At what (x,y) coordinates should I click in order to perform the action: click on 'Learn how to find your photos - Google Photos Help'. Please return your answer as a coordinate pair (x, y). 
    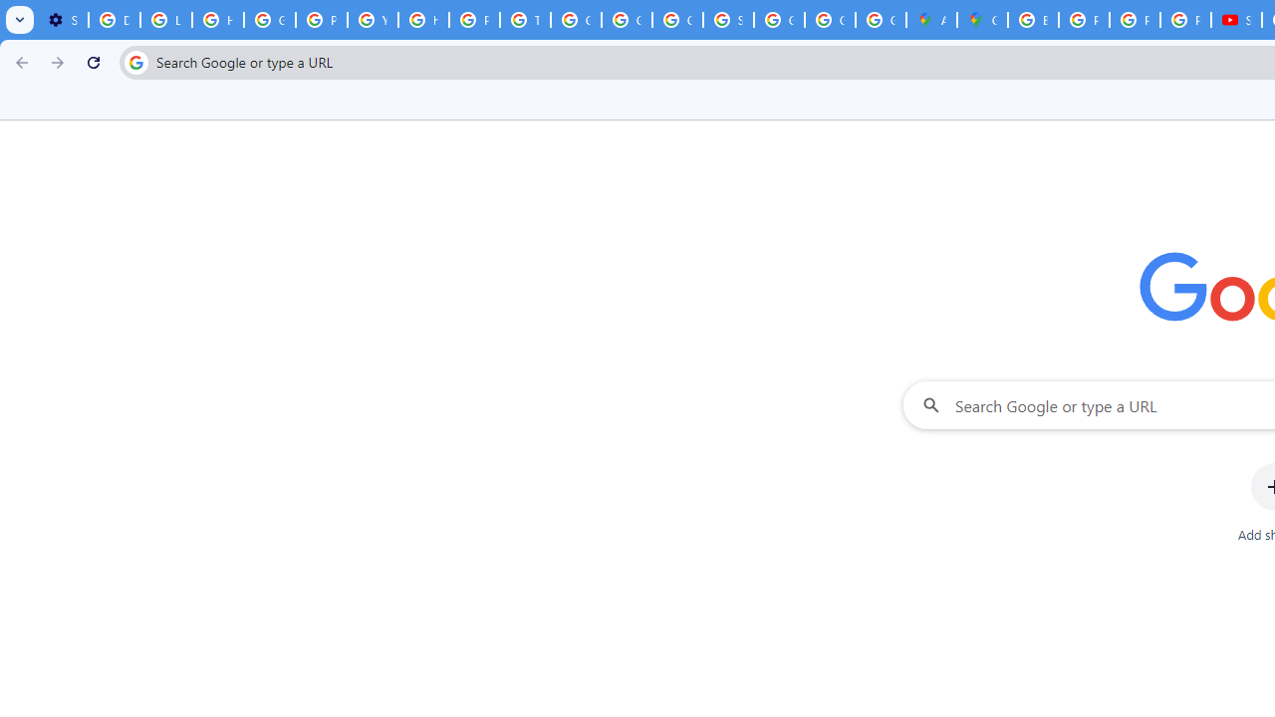
    Looking at the image, I should click on (166, 20).